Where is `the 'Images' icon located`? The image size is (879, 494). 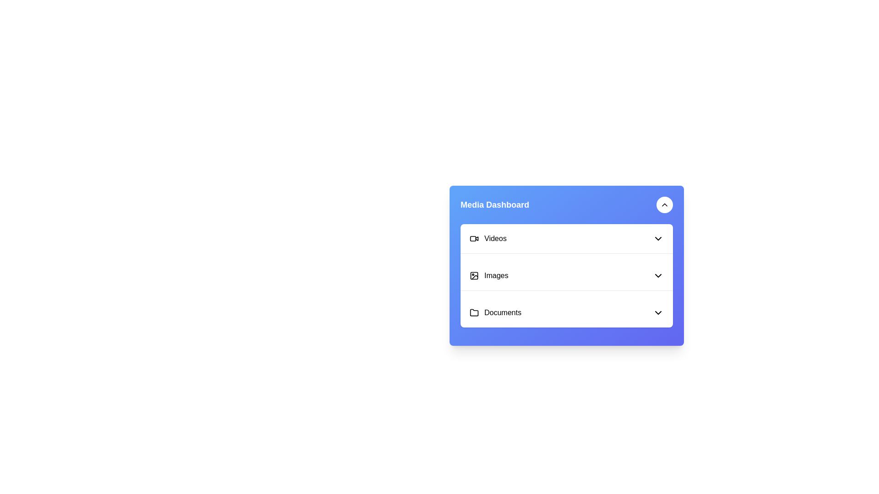 the 'Images' icon located is located at coordinates (474, 275).